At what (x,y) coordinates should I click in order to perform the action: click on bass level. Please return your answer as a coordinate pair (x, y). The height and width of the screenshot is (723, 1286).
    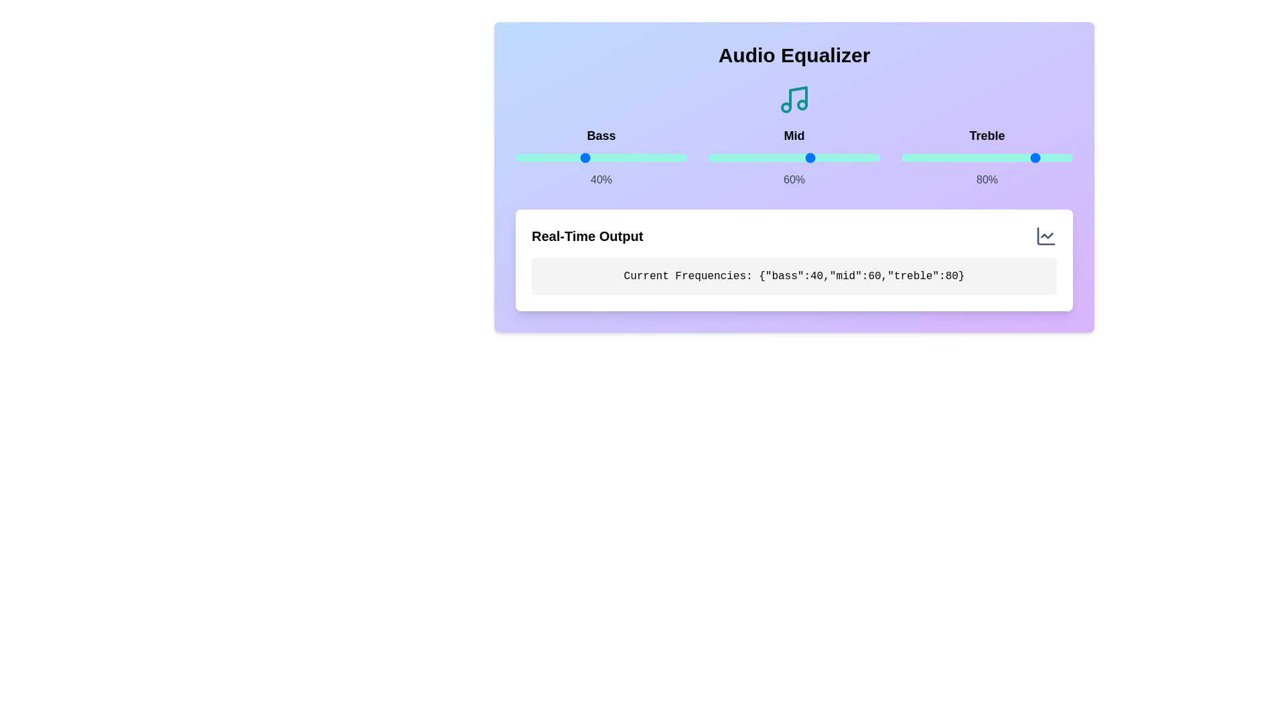
    Looking at the image, I should click on (589, 157).